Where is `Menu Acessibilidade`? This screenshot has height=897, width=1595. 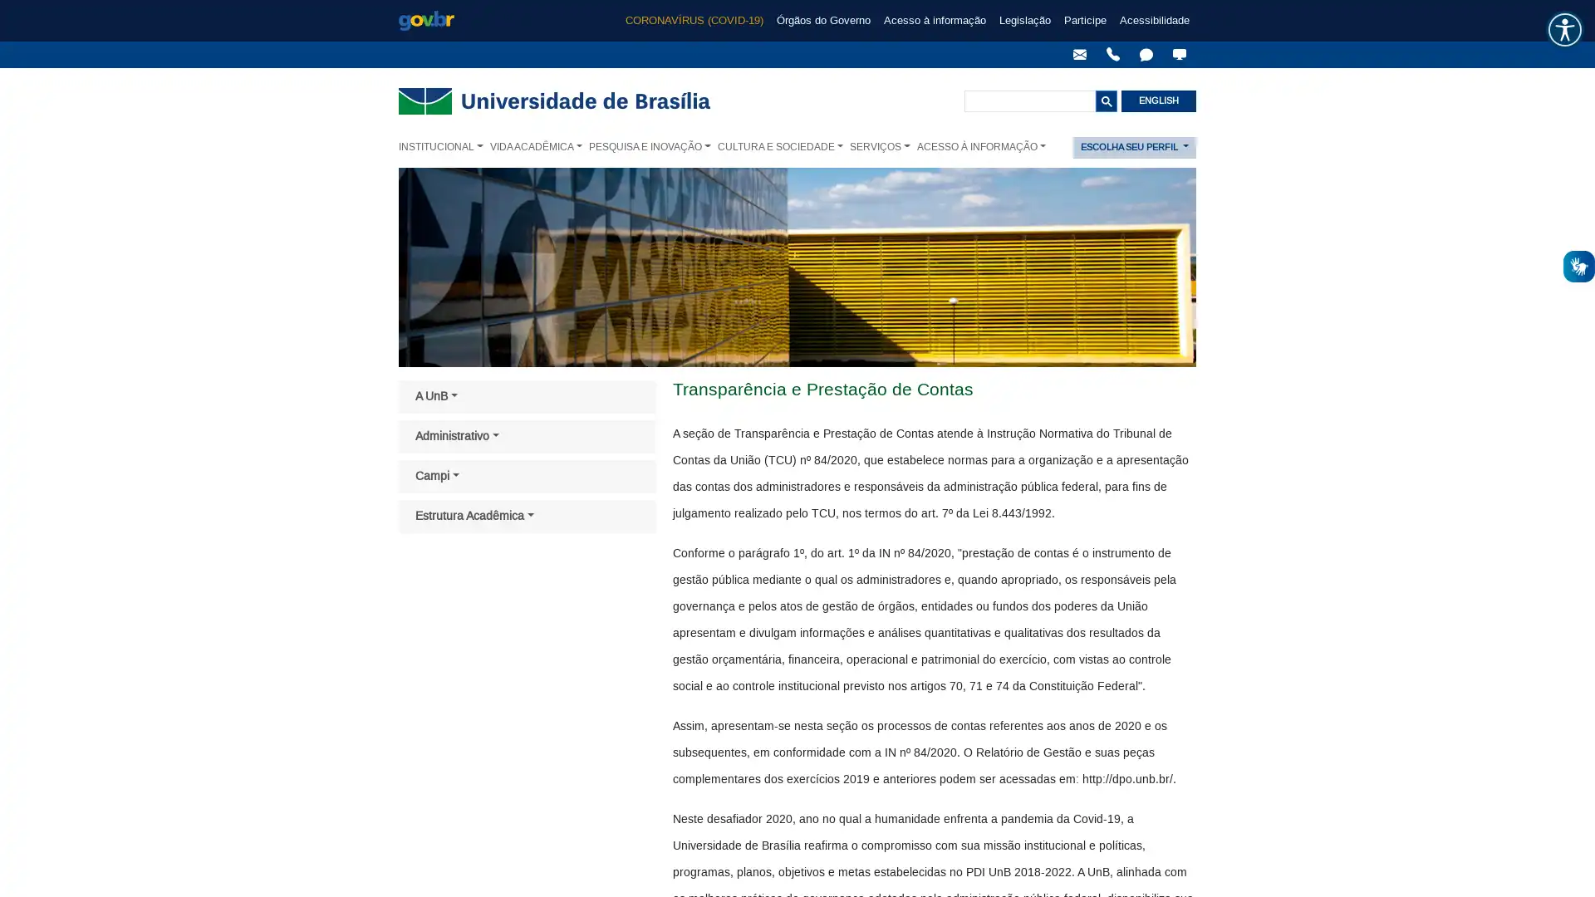 Menu Acessibilidade is located at coordinates (1563, 29).